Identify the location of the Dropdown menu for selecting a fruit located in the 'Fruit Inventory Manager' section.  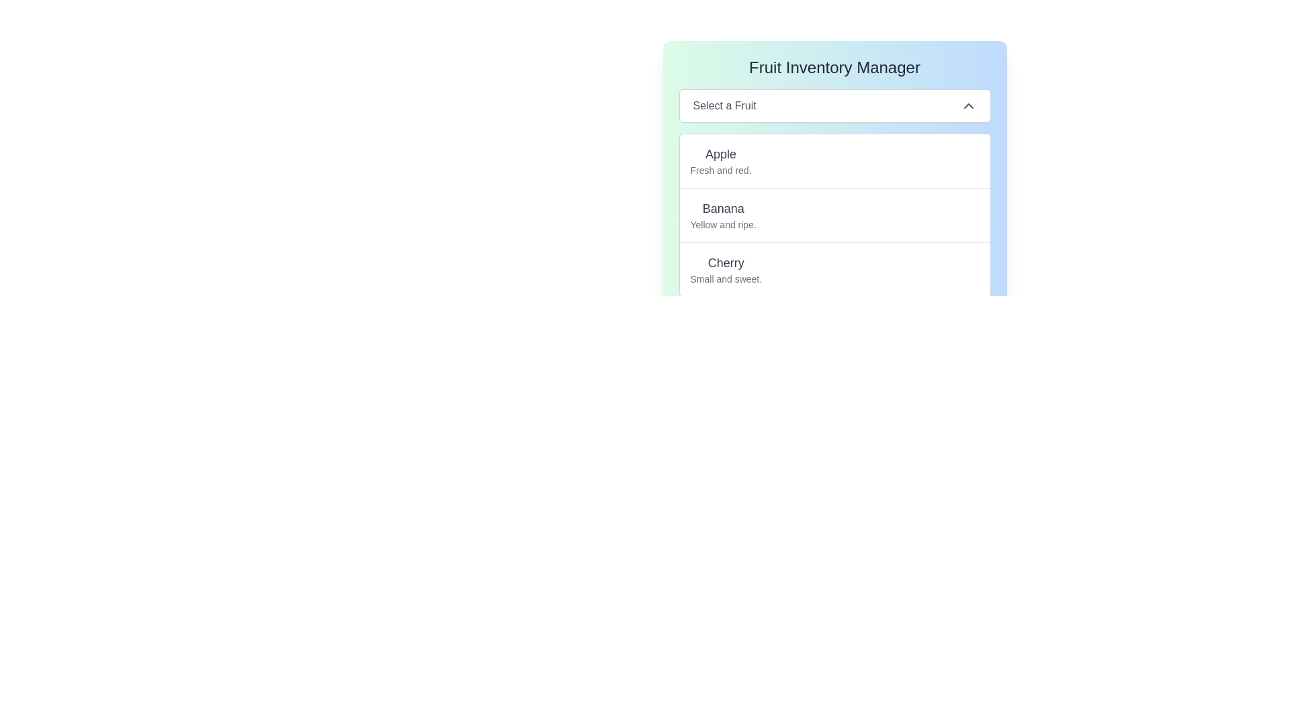
(834, 105).